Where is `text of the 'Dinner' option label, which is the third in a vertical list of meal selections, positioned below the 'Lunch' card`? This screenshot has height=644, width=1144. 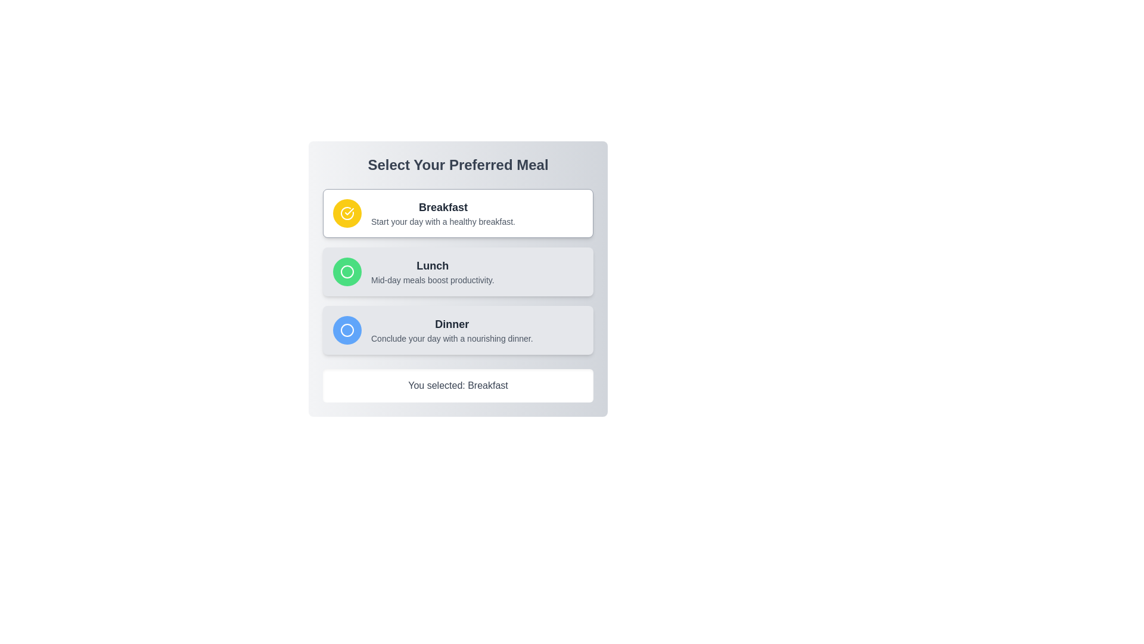 text of the 'Dinner' option label, which is the third in a vertical list of meal selections, positioned below the 'Lunch' card is located at coordinates (451, 330).